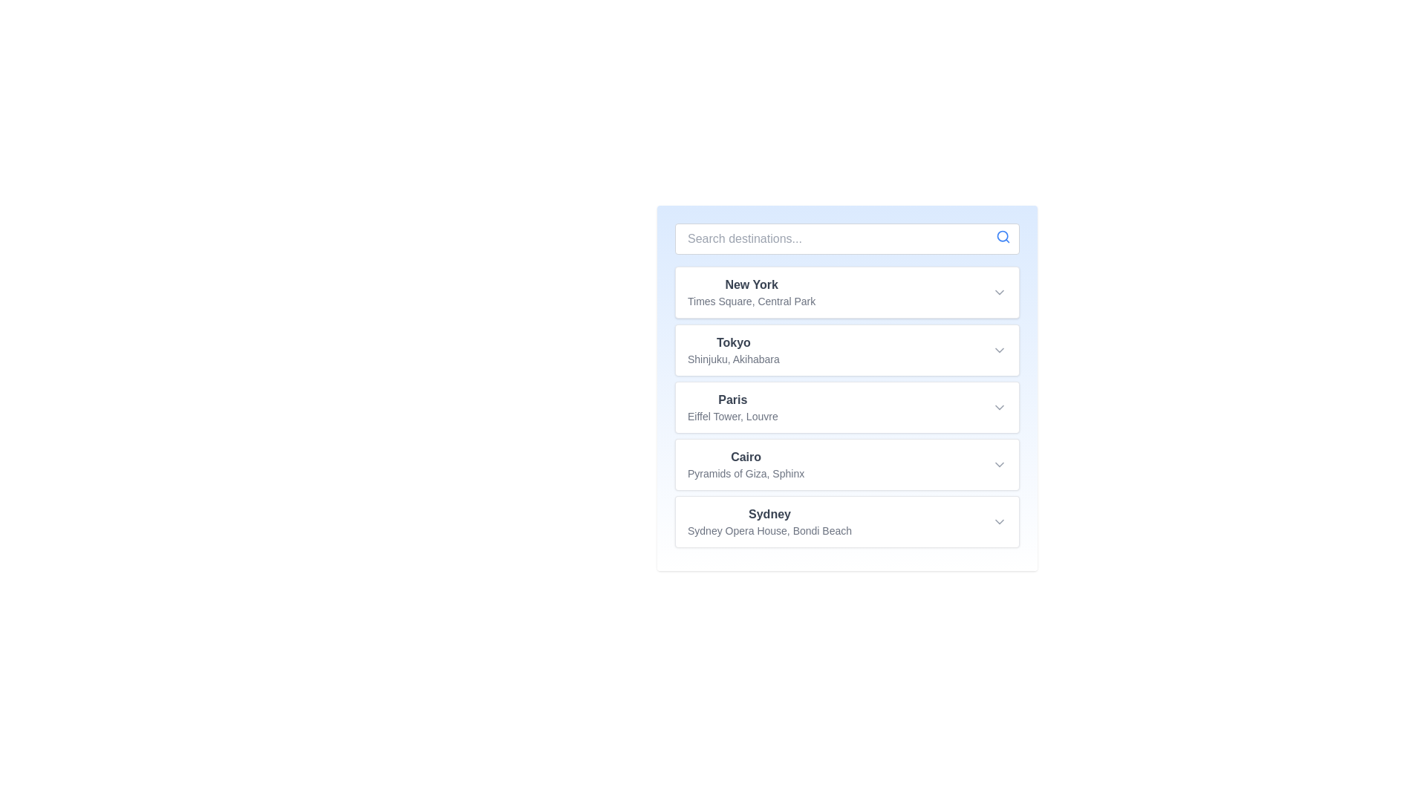 The height and width of the screenshot is (802, 1426). I want to click on the selectable option for the location 'Tokyo', which is the second listing in the vertical list of destinations, so click(733, 350).